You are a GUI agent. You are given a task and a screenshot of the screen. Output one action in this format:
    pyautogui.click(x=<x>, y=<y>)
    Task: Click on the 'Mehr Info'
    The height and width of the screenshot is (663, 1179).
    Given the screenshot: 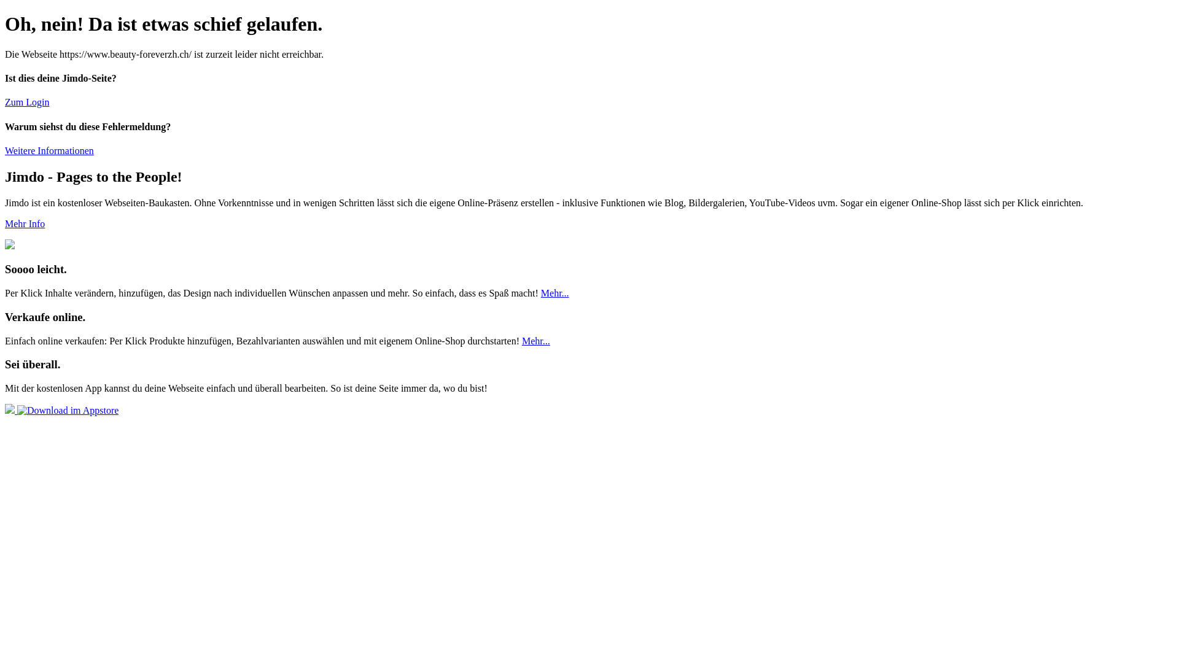 What is the action you would take?
    pyautogui.click(x=25, y=223)
    